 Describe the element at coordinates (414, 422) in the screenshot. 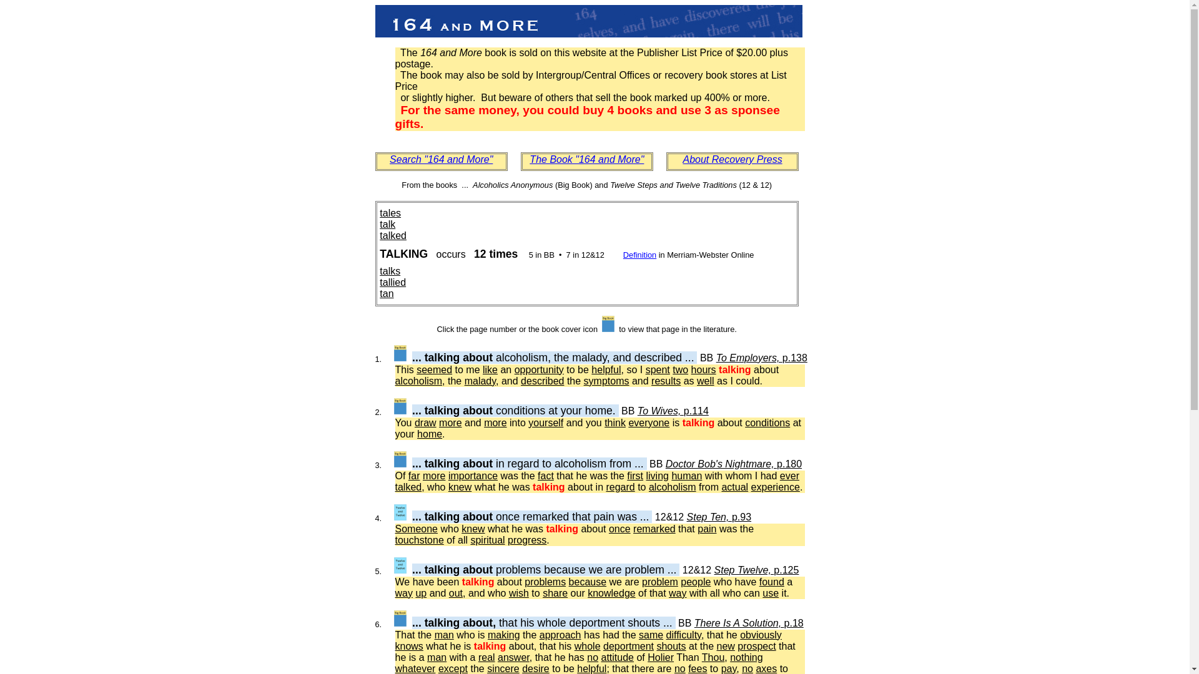

I see `'draw'` at that location.